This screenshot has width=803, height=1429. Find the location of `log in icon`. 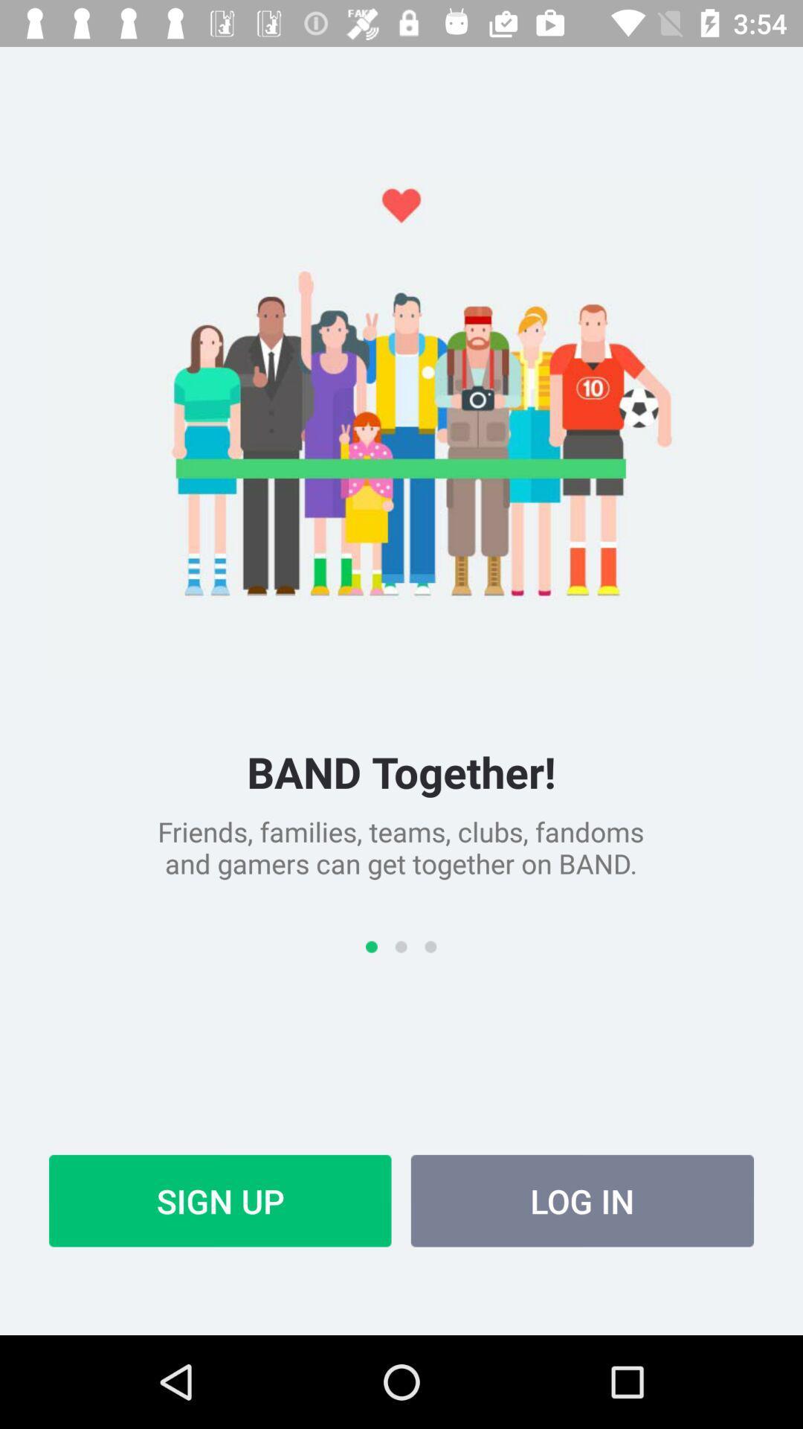

log in icon is located at coordinates (581, 1201).